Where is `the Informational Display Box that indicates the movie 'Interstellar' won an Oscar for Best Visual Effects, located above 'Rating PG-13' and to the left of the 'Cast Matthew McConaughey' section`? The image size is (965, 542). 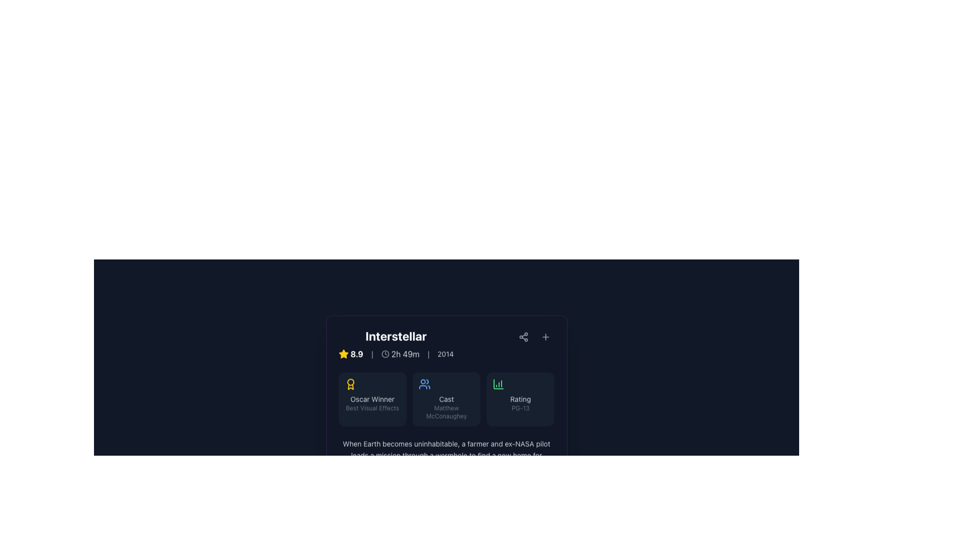 the Informational Display Box that indicates the movie 'Interstellar' won an Oscar for Best Visual Effects, located above 'Rating PG-13' and to the left of the 'Cast Matthew McConaughey' section is located at coordinates (372, 398).